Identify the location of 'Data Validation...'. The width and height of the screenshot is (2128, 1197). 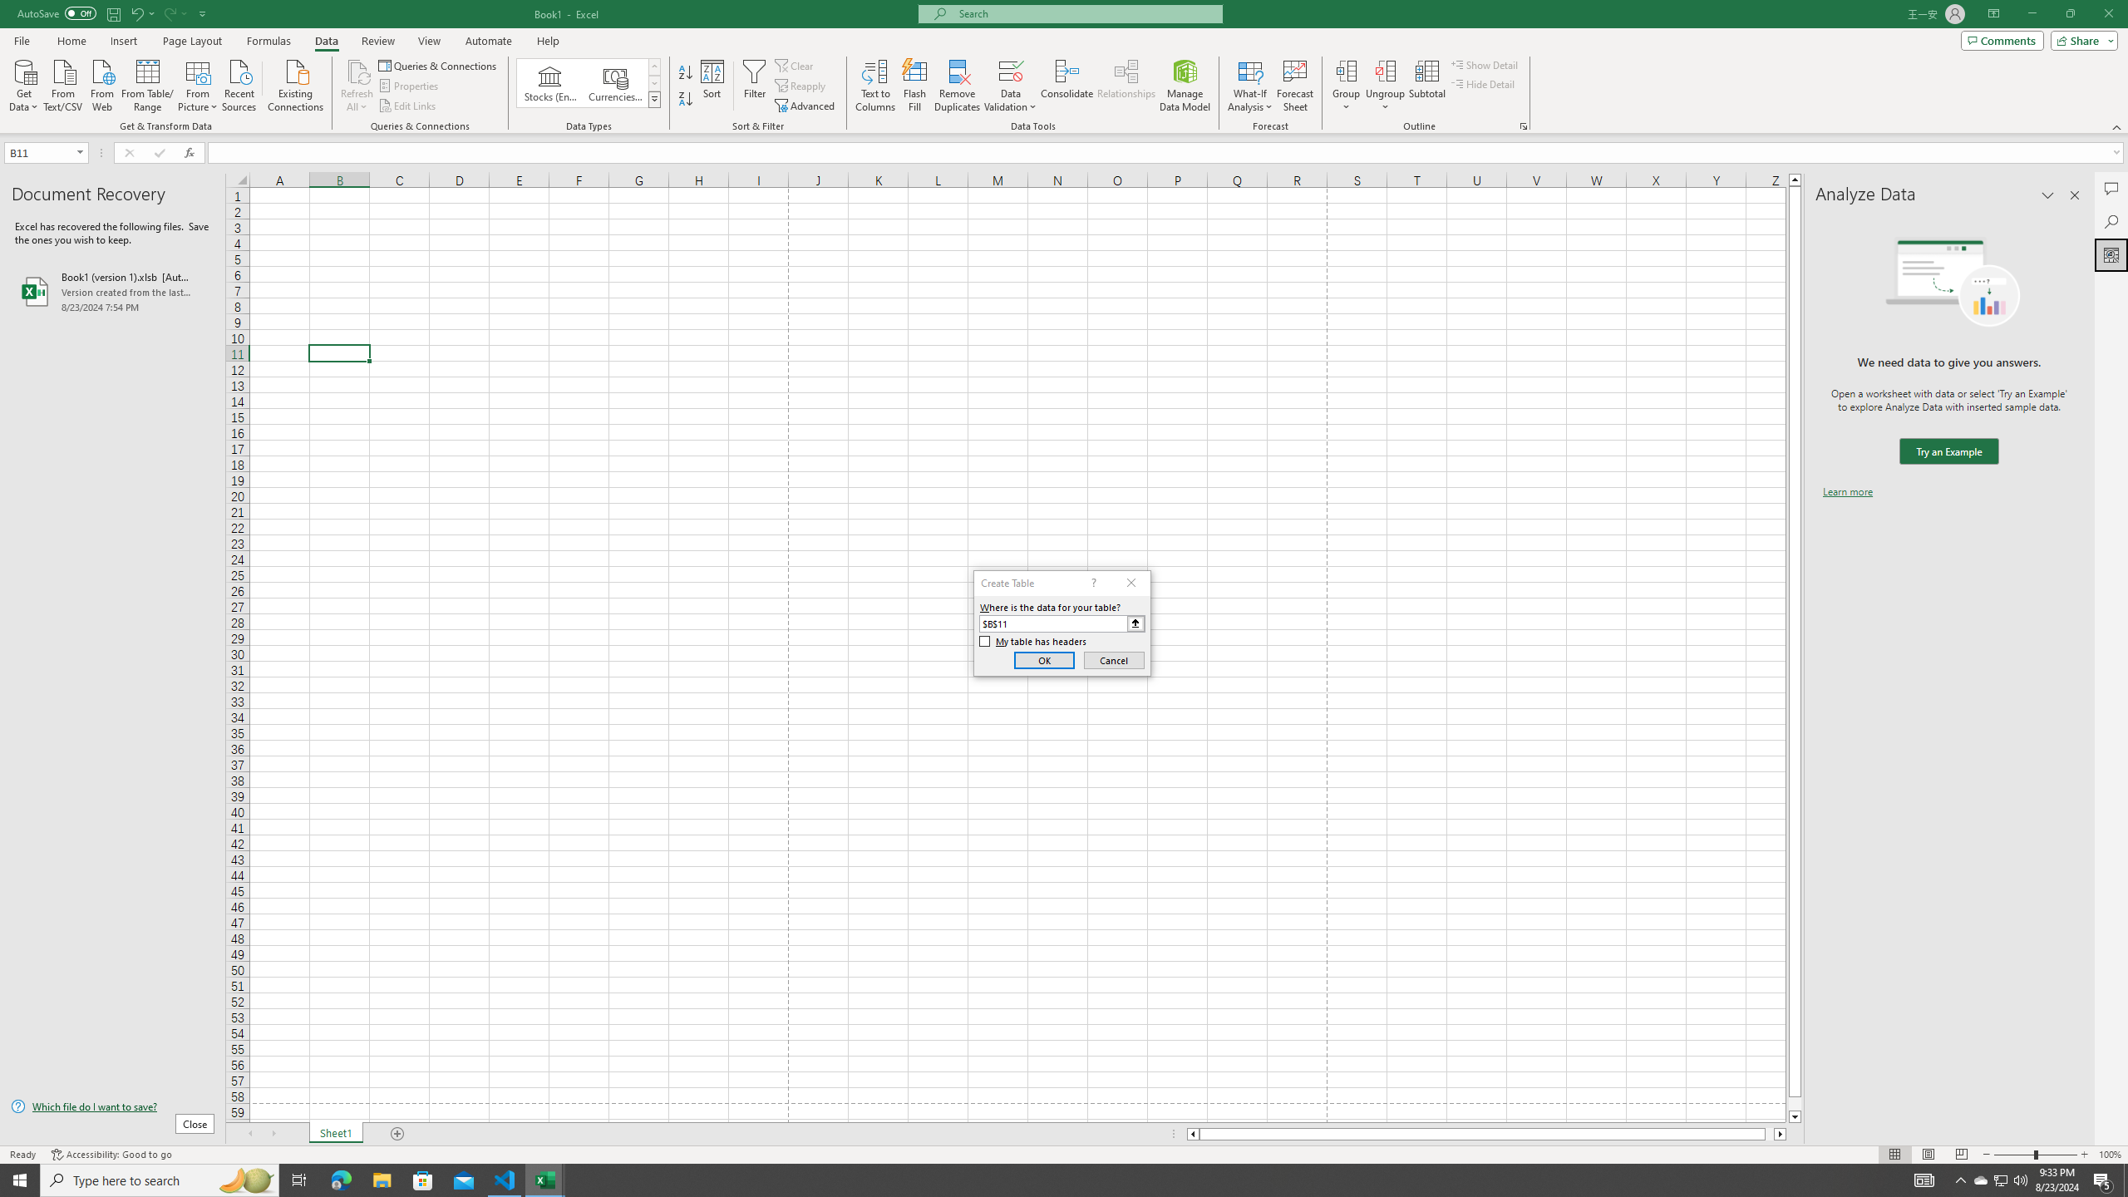
(1010, 70).